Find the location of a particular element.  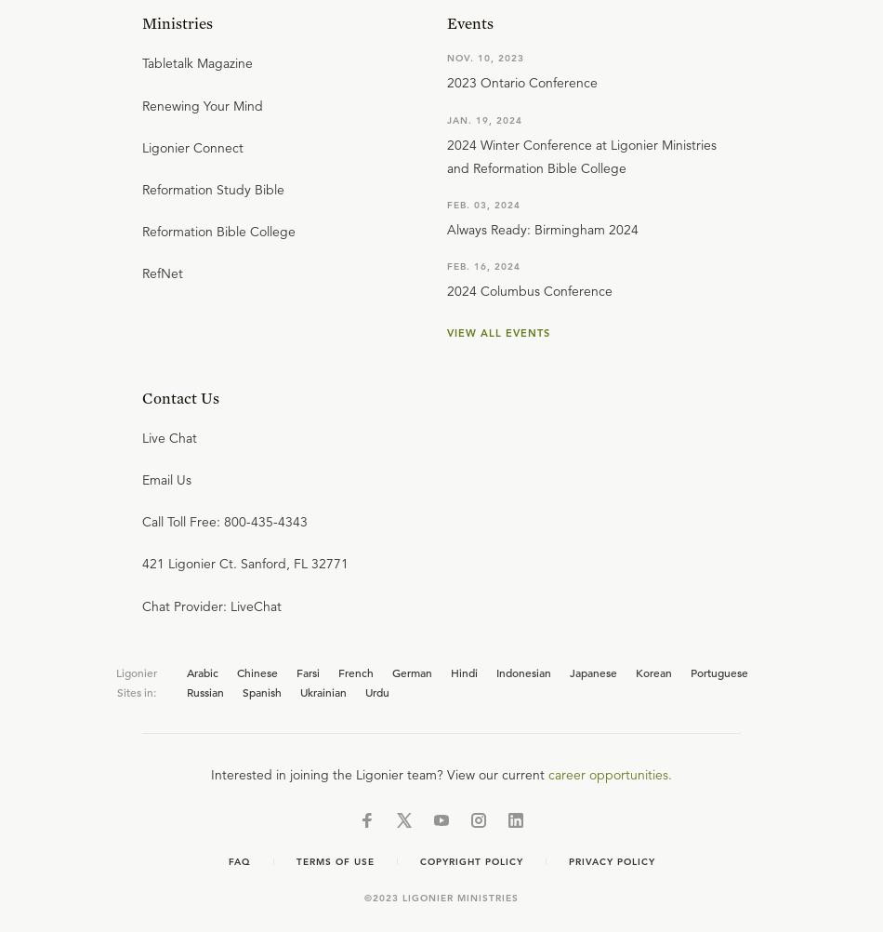

'2024 Columbus Conference' is located at coordinates (530, 290).